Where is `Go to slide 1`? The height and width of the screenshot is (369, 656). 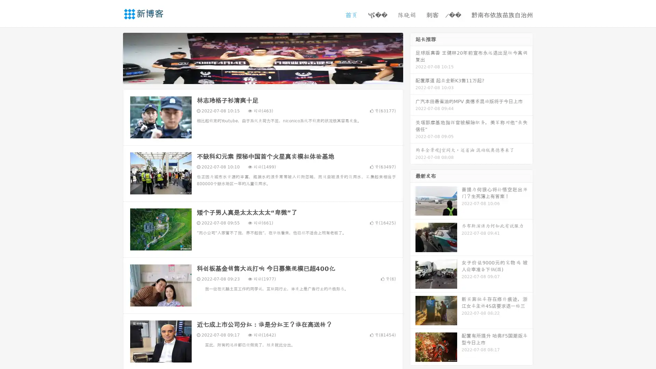
Go to slide 1 is located at coordinates (256, 77).